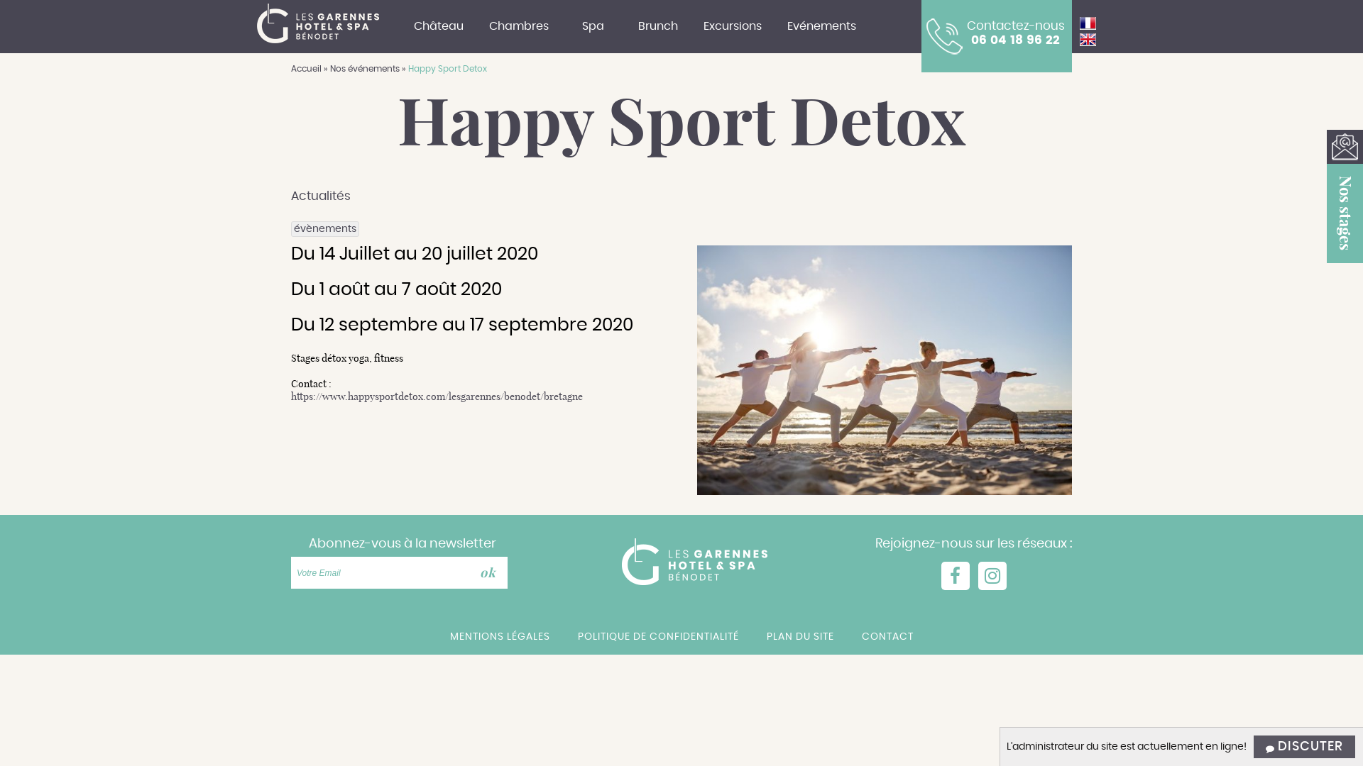 This screenshot has height=766, width=1363. I want to click on 'Accueil', so click(290, 68).